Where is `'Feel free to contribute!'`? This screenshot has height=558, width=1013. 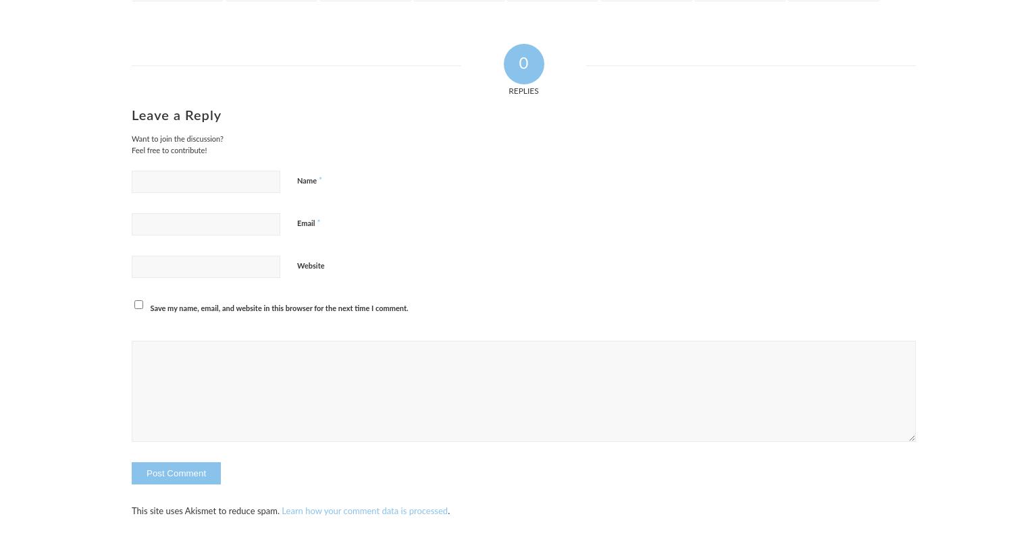 'Feel free to contribute!' is located at coordinates (169, 150).